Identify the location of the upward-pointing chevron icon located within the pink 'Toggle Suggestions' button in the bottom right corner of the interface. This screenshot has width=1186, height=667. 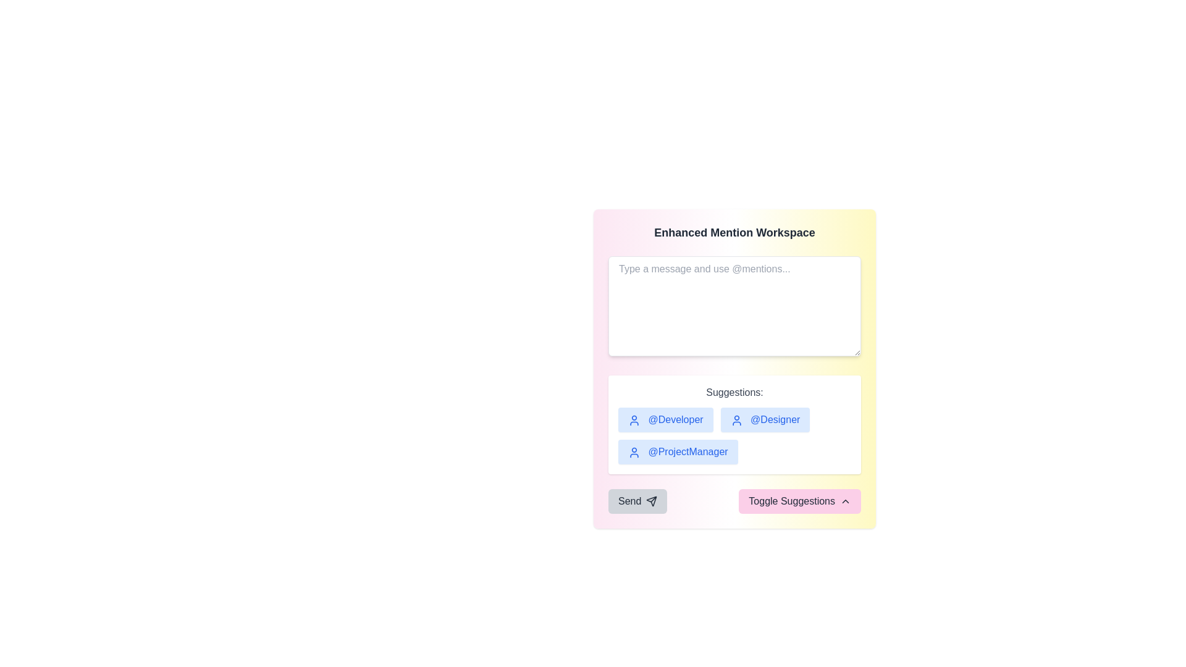
(844, 501).